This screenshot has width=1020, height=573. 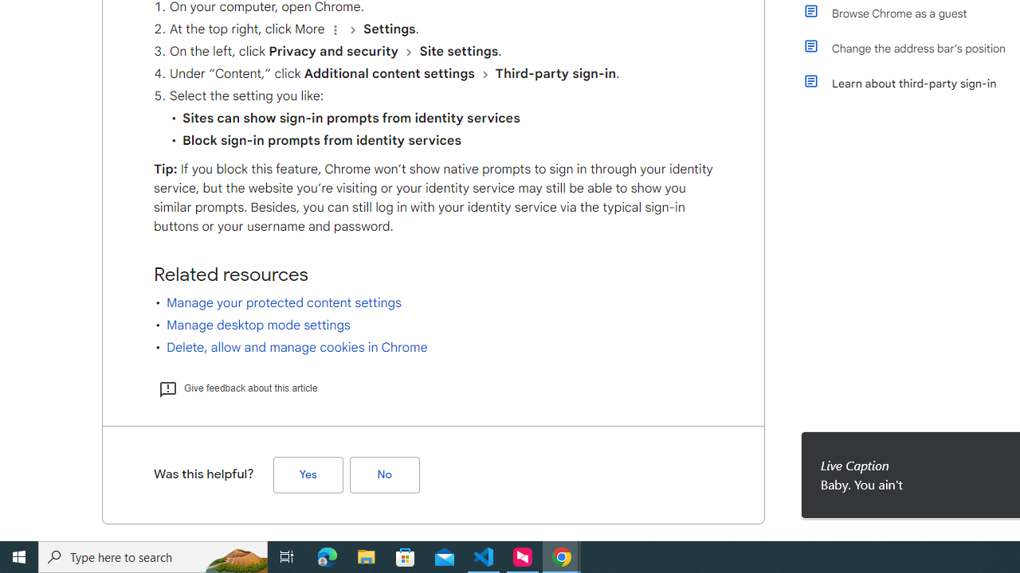 I want to click on 'No (Was this helpful?)', so click(x=384, y=474).